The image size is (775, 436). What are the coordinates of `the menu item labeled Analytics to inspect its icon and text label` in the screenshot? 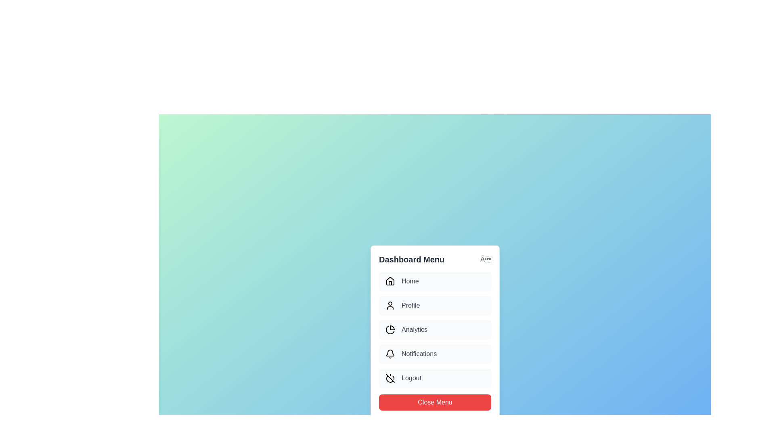 It's located at (435, 330).